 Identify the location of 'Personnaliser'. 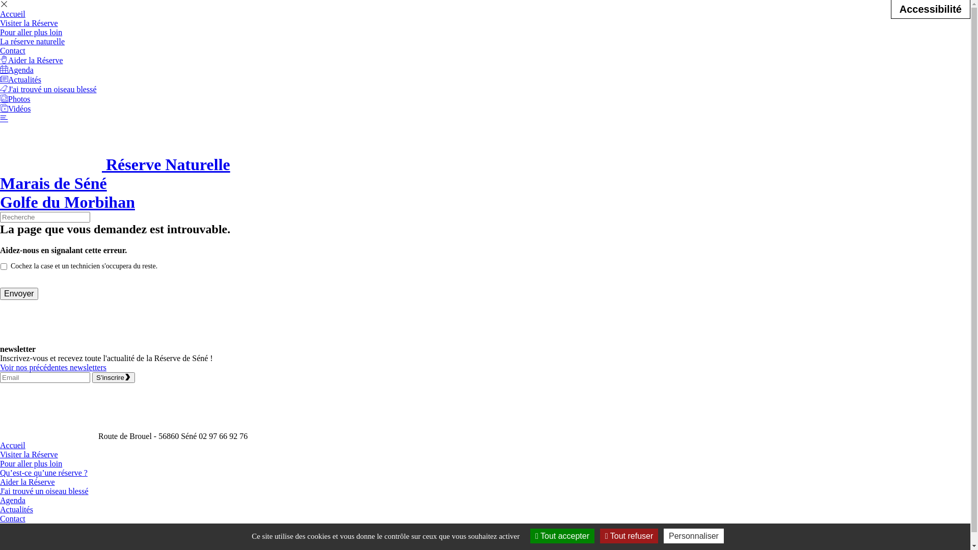
(693, 535).